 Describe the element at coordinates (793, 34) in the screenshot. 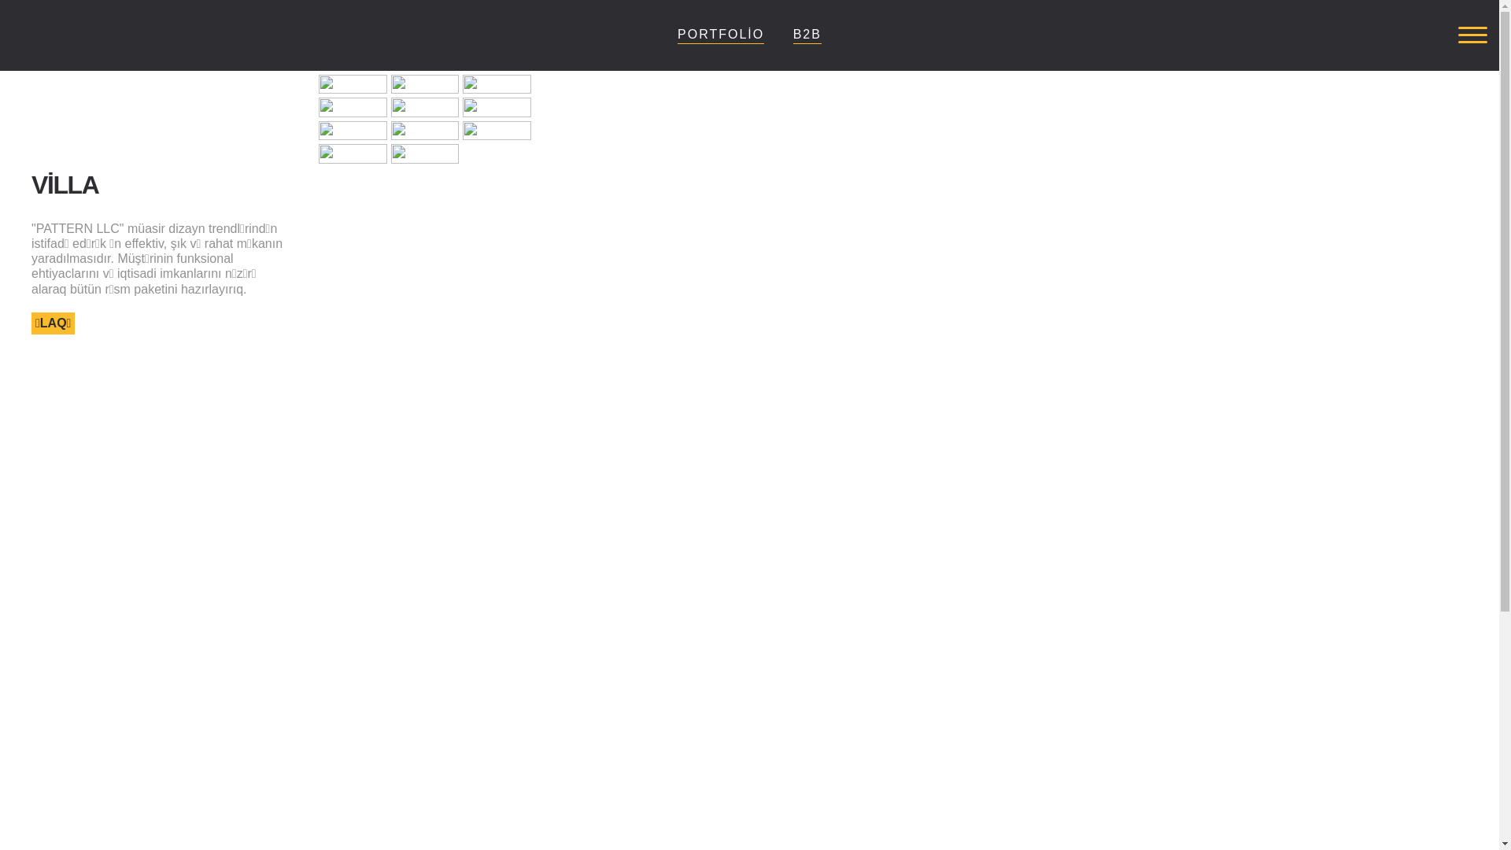

I see `'B2B'` at that location.